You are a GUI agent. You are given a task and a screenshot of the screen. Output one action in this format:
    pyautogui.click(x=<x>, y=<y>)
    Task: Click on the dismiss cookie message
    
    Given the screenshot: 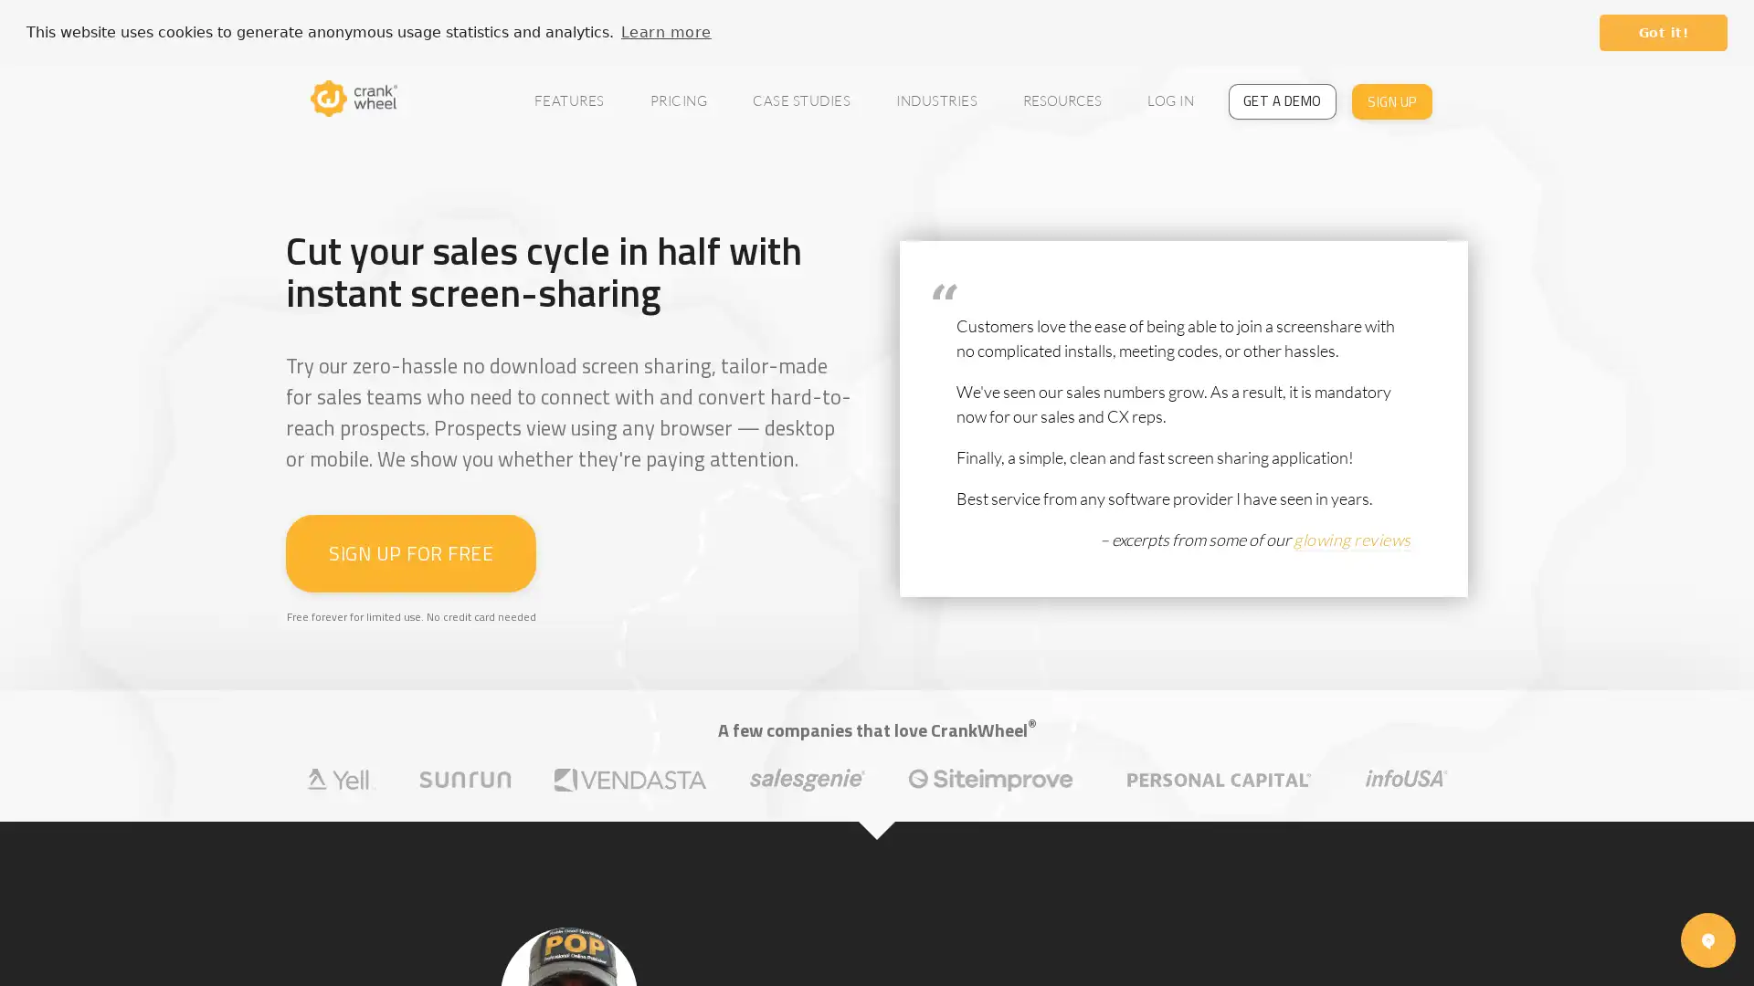 What is the action you would take?
    pyautogui.click(x=1663, y=32)
    